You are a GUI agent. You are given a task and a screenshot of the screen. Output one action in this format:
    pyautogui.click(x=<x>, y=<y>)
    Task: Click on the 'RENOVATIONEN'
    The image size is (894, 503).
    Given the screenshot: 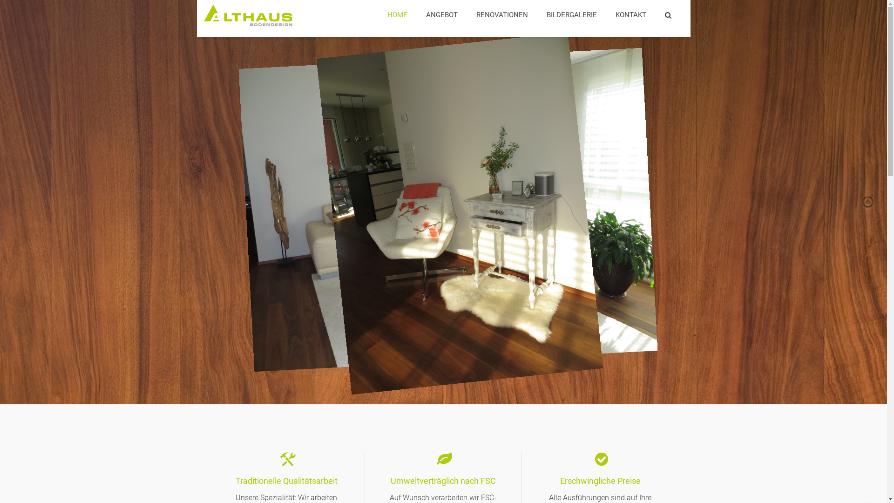 What is the action you would take?
    pyautogui.click(x=501, y=15)
    